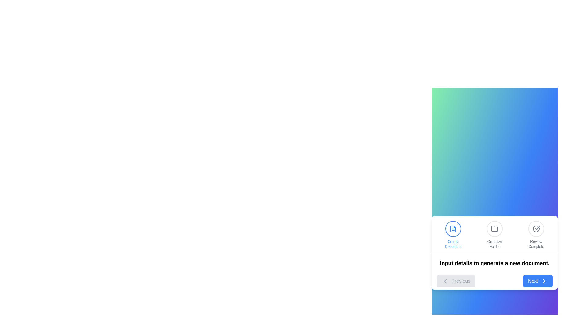 The image size is (586, 330). Describe the element at coordinates (538, 281) in the screenshot. I see `the Next button to navigate` at that location.